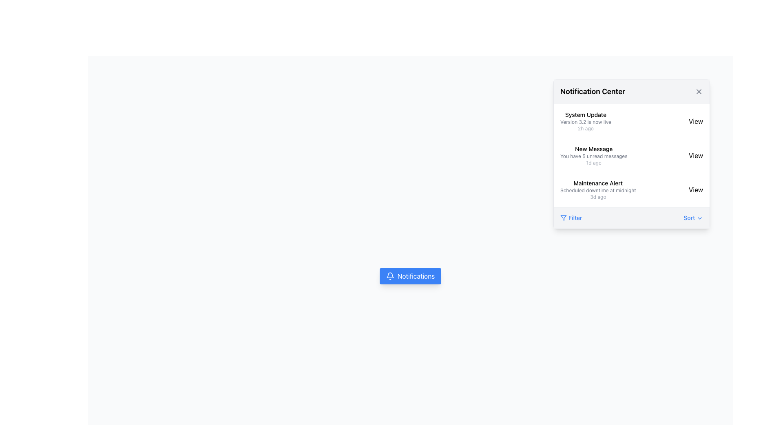 The height and width of the screenshot is (440, 783). I want to click on the timestamp label indicating the time elapsed since the notification was issued, located at the bottom of the 'New Message' notification item, so click(594, 163).